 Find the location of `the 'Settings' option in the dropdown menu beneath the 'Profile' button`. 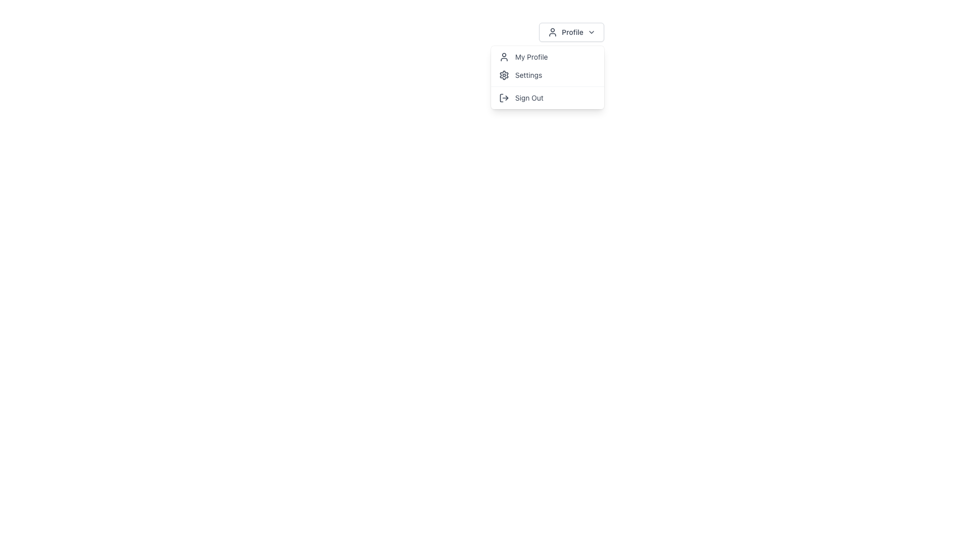

the 'Settings' option in the dropdown menu beneath the 'Profile' button is located at coordinates (547, 77).